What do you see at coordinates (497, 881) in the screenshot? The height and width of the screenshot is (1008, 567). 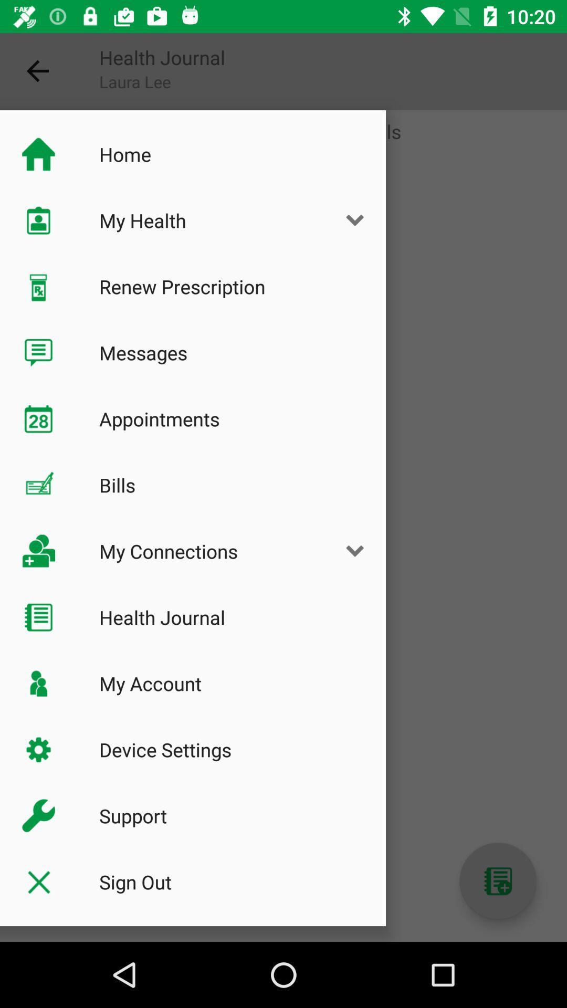 I see `contact` at bounding box center [497, 881].